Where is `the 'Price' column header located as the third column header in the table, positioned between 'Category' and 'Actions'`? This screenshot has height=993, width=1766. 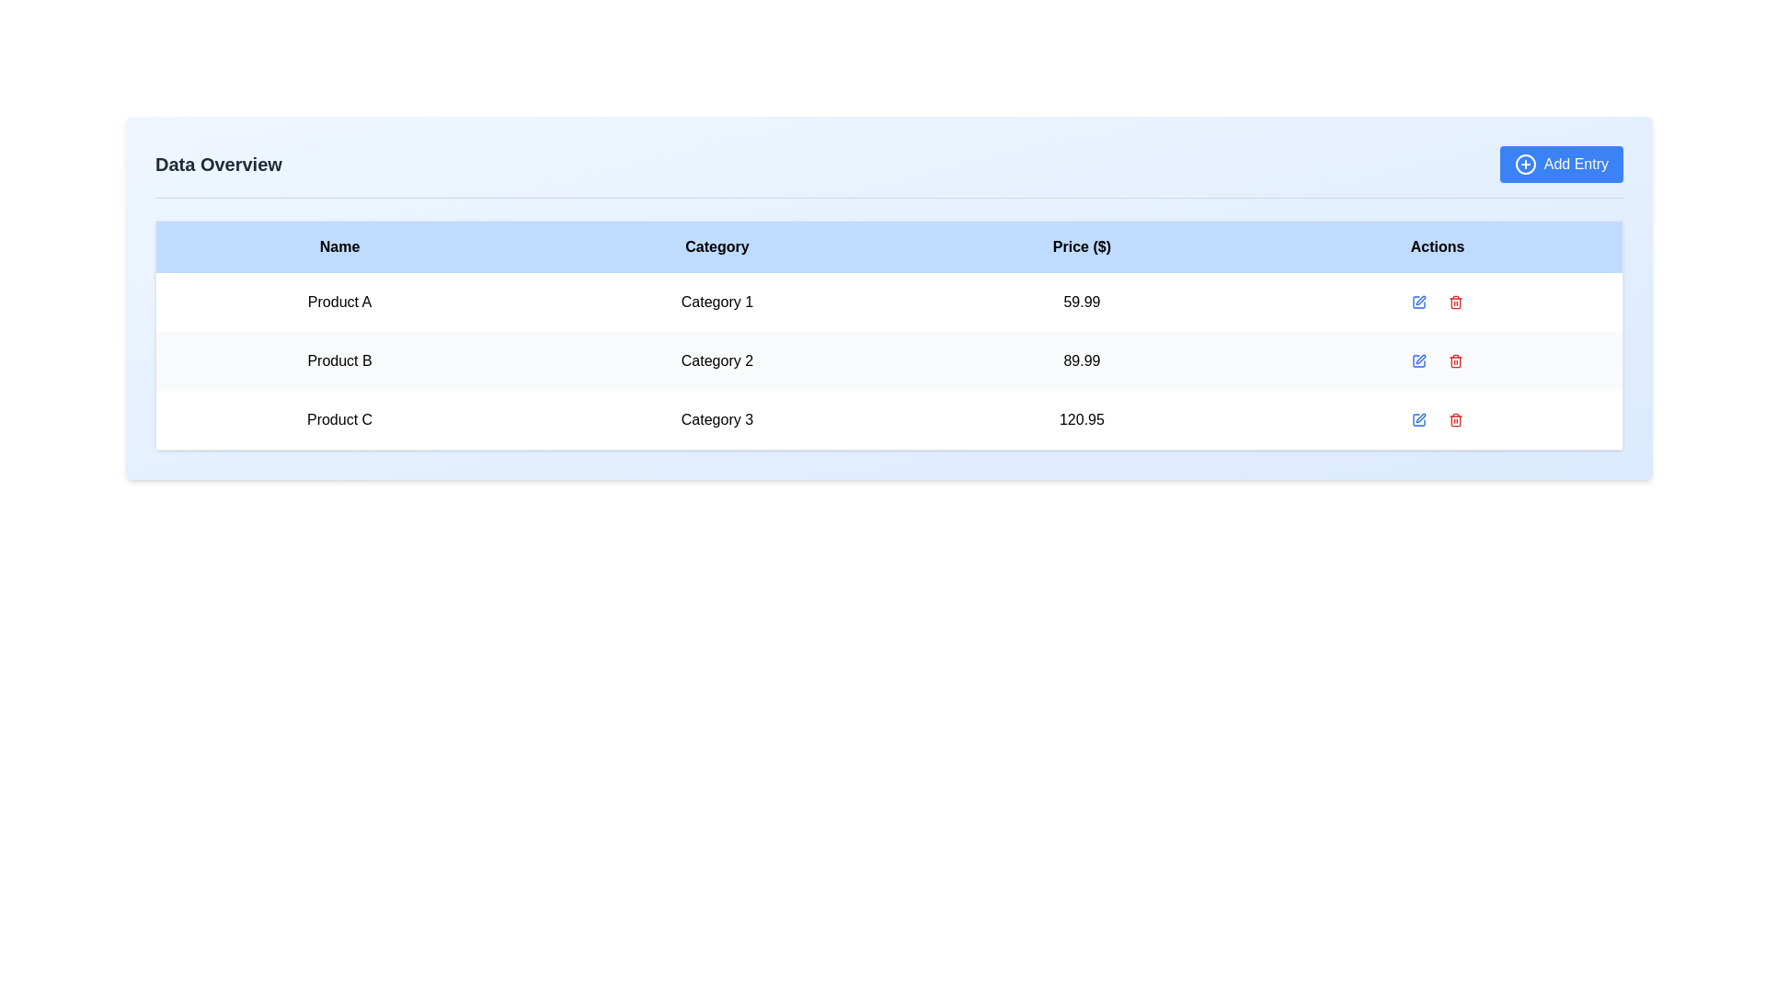
the 'Price' column header located as the third column header in the table, positioned between 'Category' and 'Actions' is located at coordinates (1082, 245).